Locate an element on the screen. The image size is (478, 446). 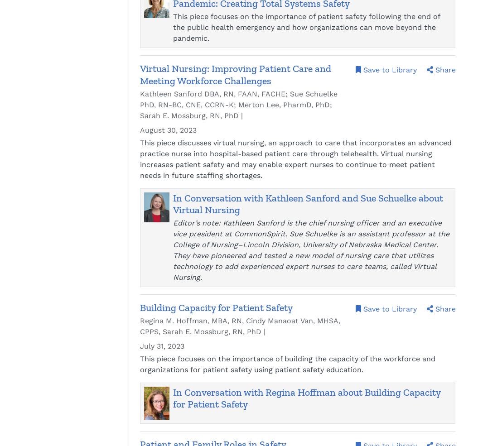
'Building Capacity for Patient Safety' is located at coordinates (216, 307).